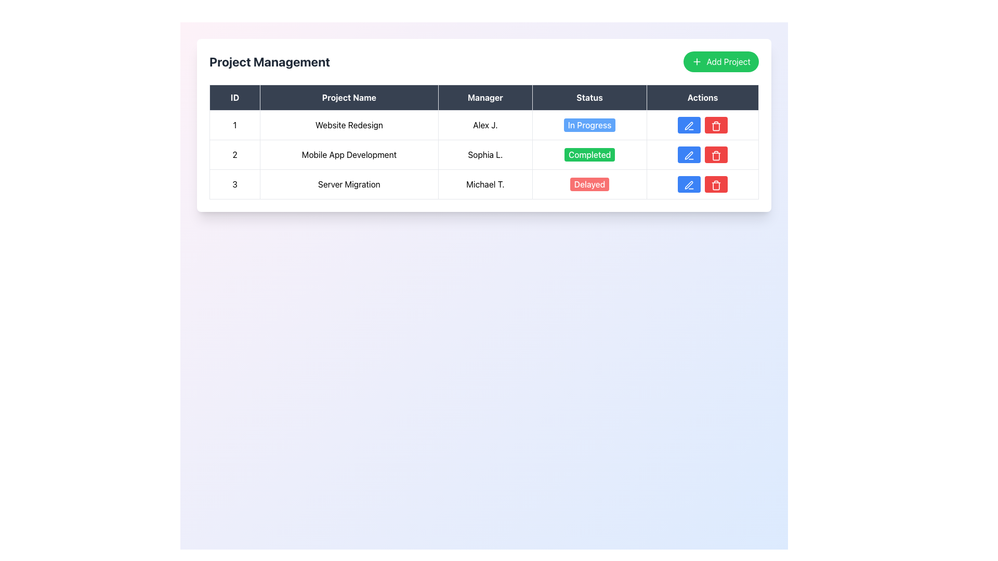 Image resolution: width=998 pixels, height=561 pixels. What do you see at coordinates (689, 155) in the screenshot?
I see `the pen icon inside the blue button in the 'Actions' column of the table` at bounding box center [689, 155].